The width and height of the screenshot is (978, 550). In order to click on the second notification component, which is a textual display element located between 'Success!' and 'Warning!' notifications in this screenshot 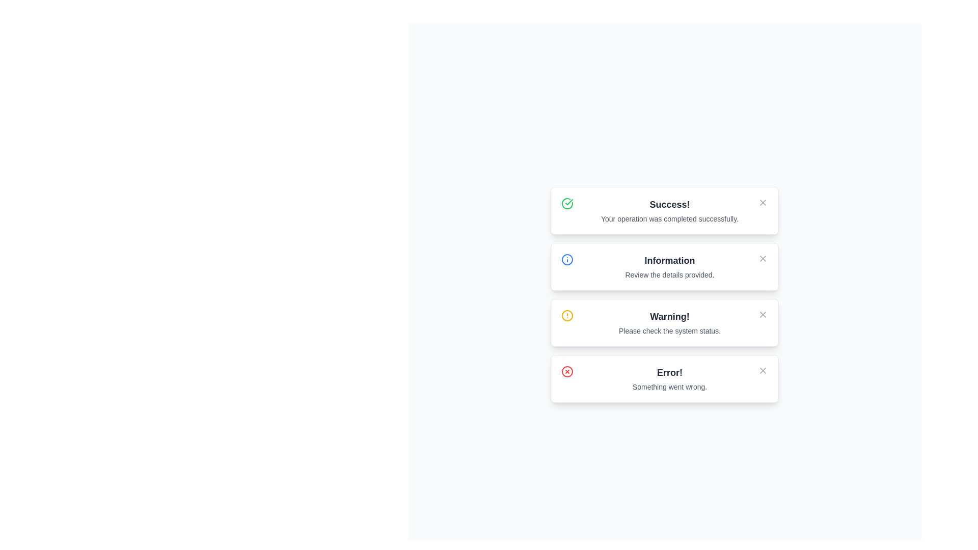, I will do `click(670, 266)`.